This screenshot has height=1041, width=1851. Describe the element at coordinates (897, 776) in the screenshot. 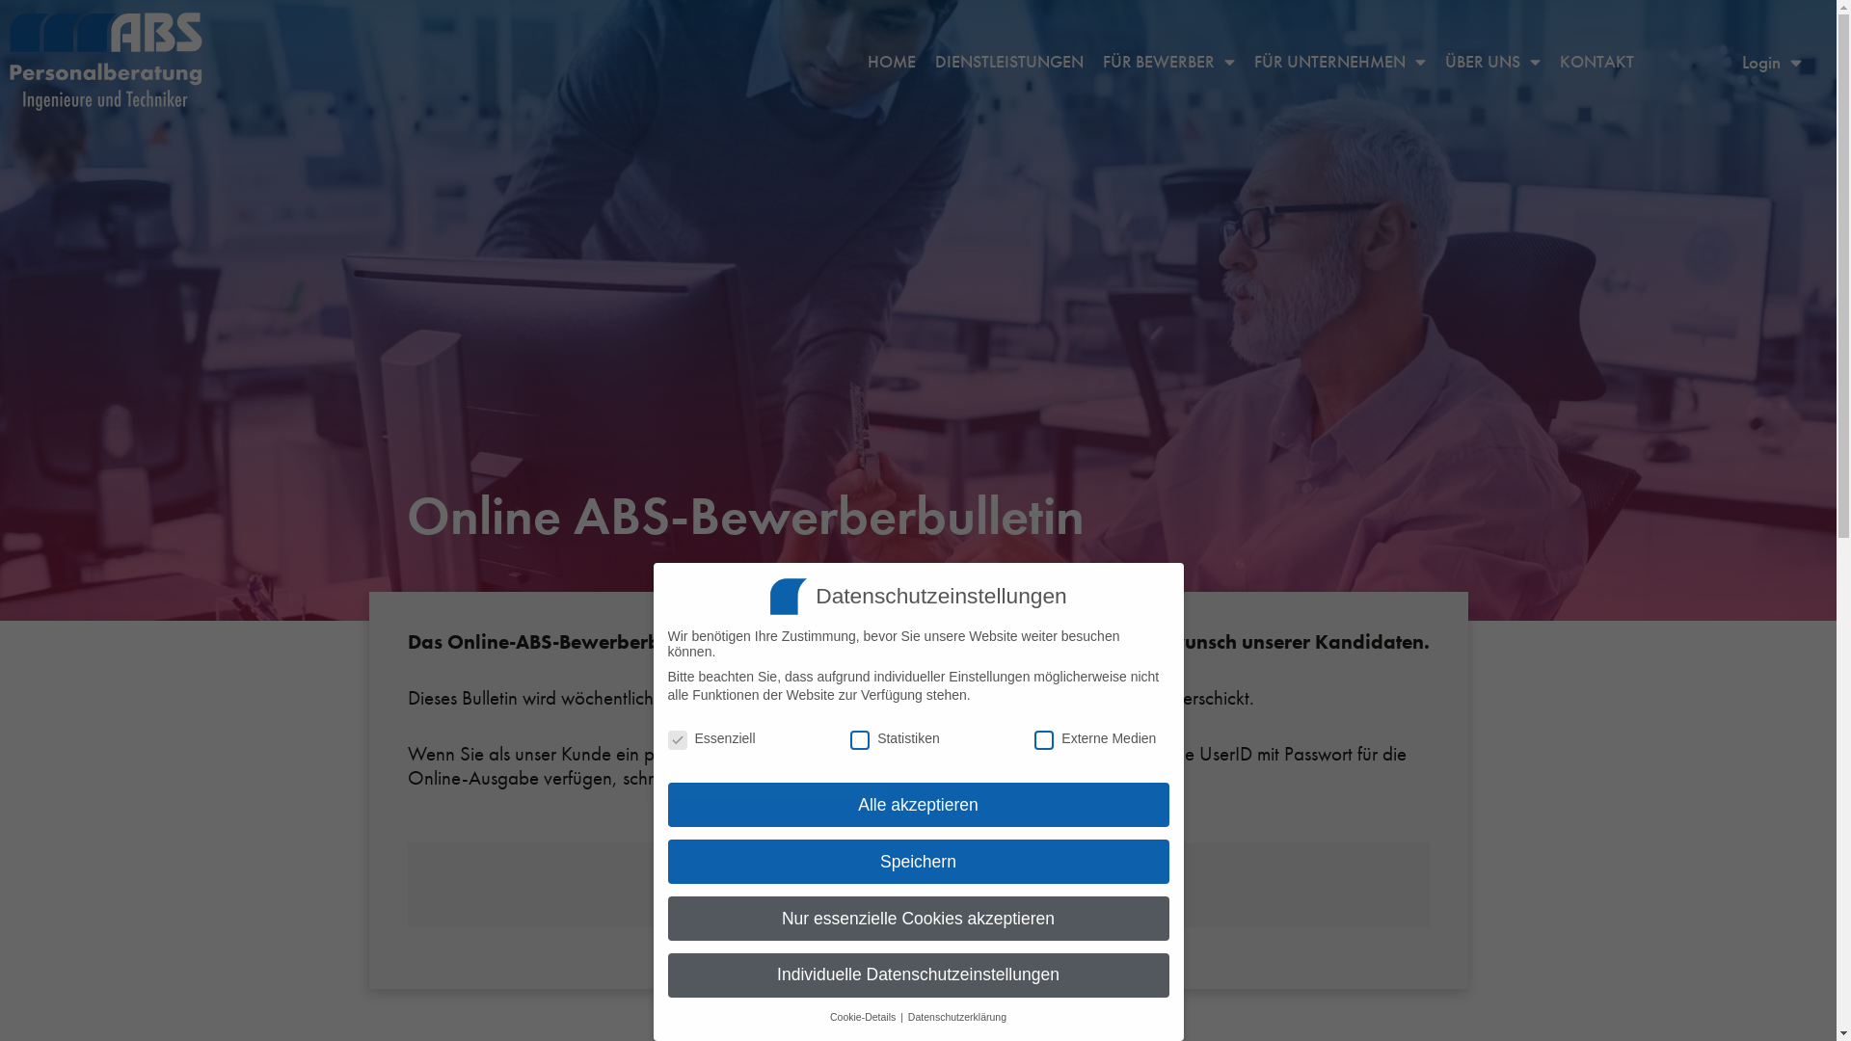

I see `'E-Mail'` at that location.